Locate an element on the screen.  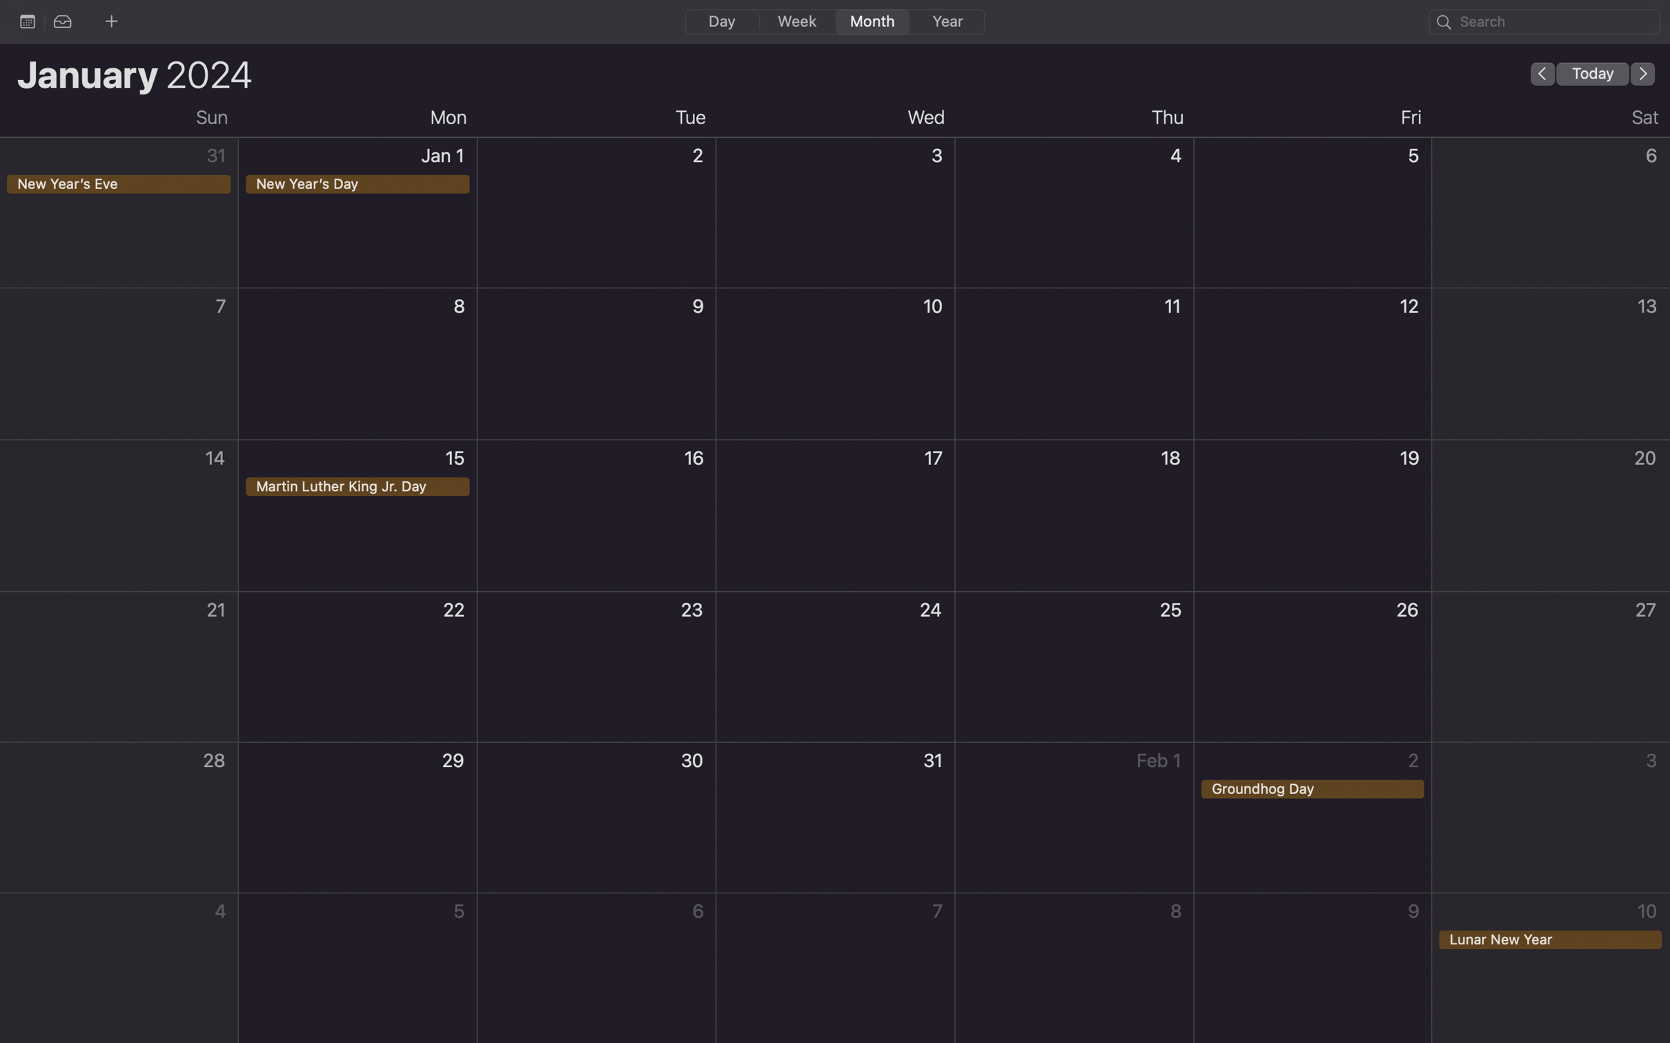
View the calendar in yearly format is located at coordinates (945, 21).